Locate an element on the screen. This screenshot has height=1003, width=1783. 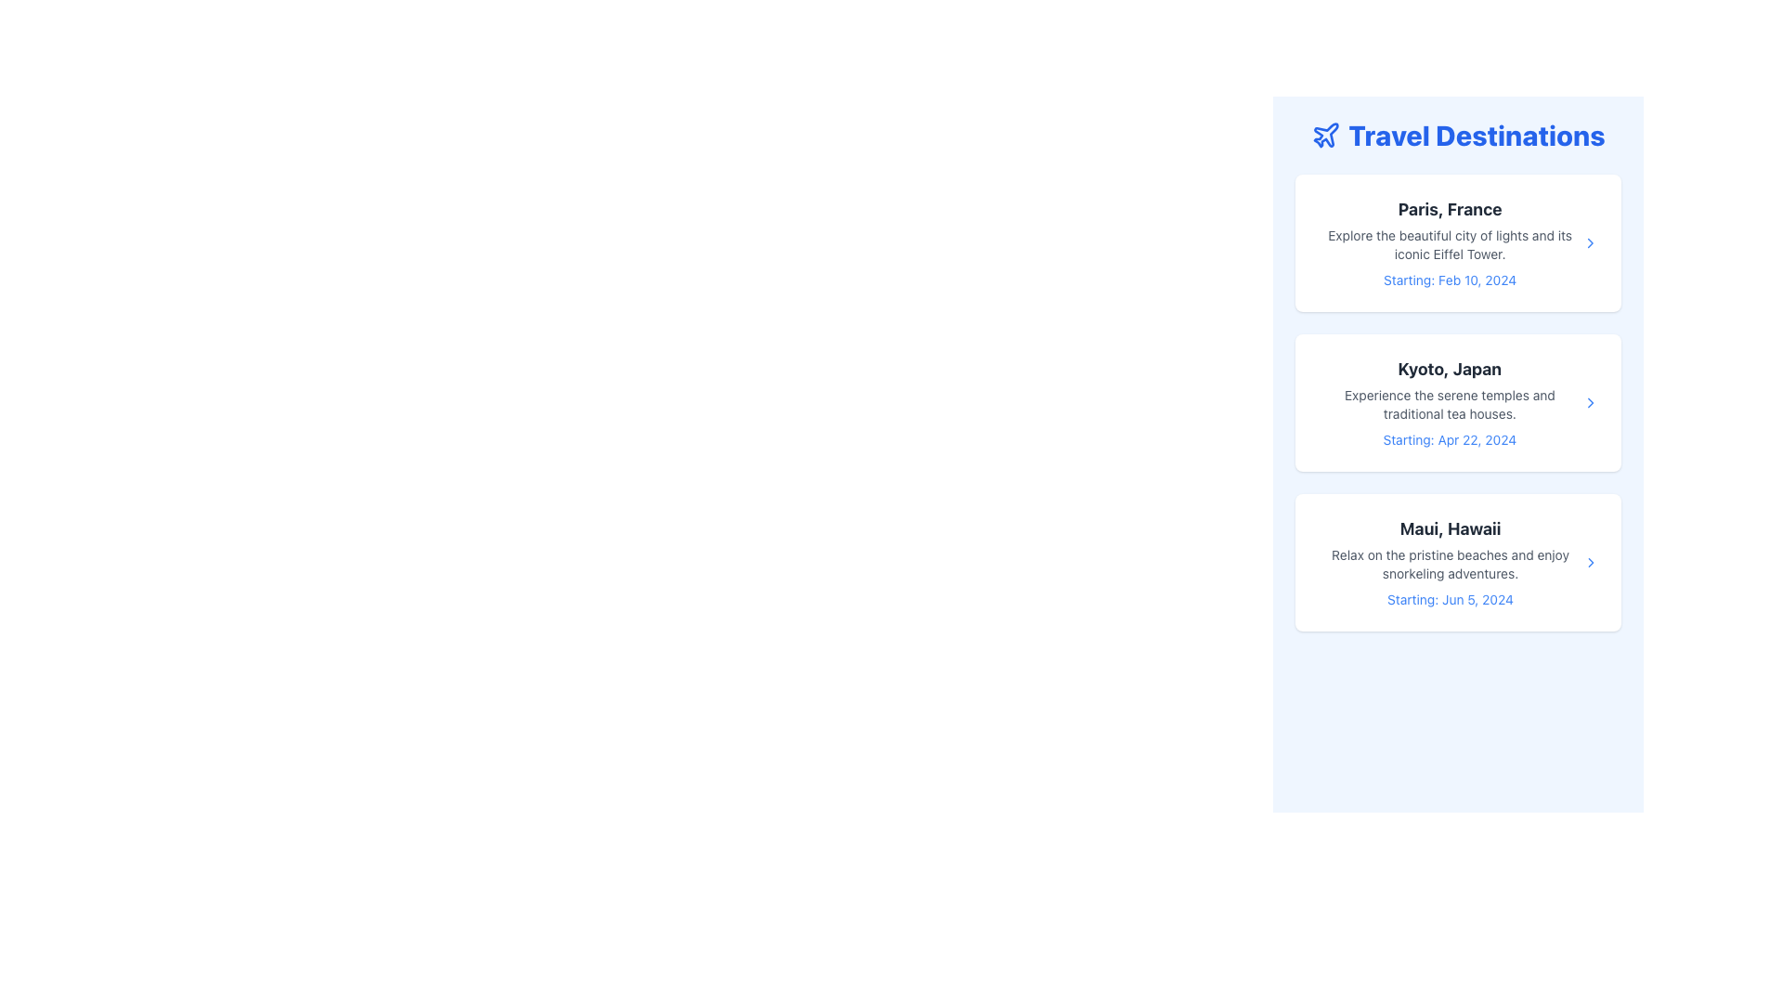
the right-pointing chevron arrow in the last card of travel destinations is located at coordinates (1590, 561).